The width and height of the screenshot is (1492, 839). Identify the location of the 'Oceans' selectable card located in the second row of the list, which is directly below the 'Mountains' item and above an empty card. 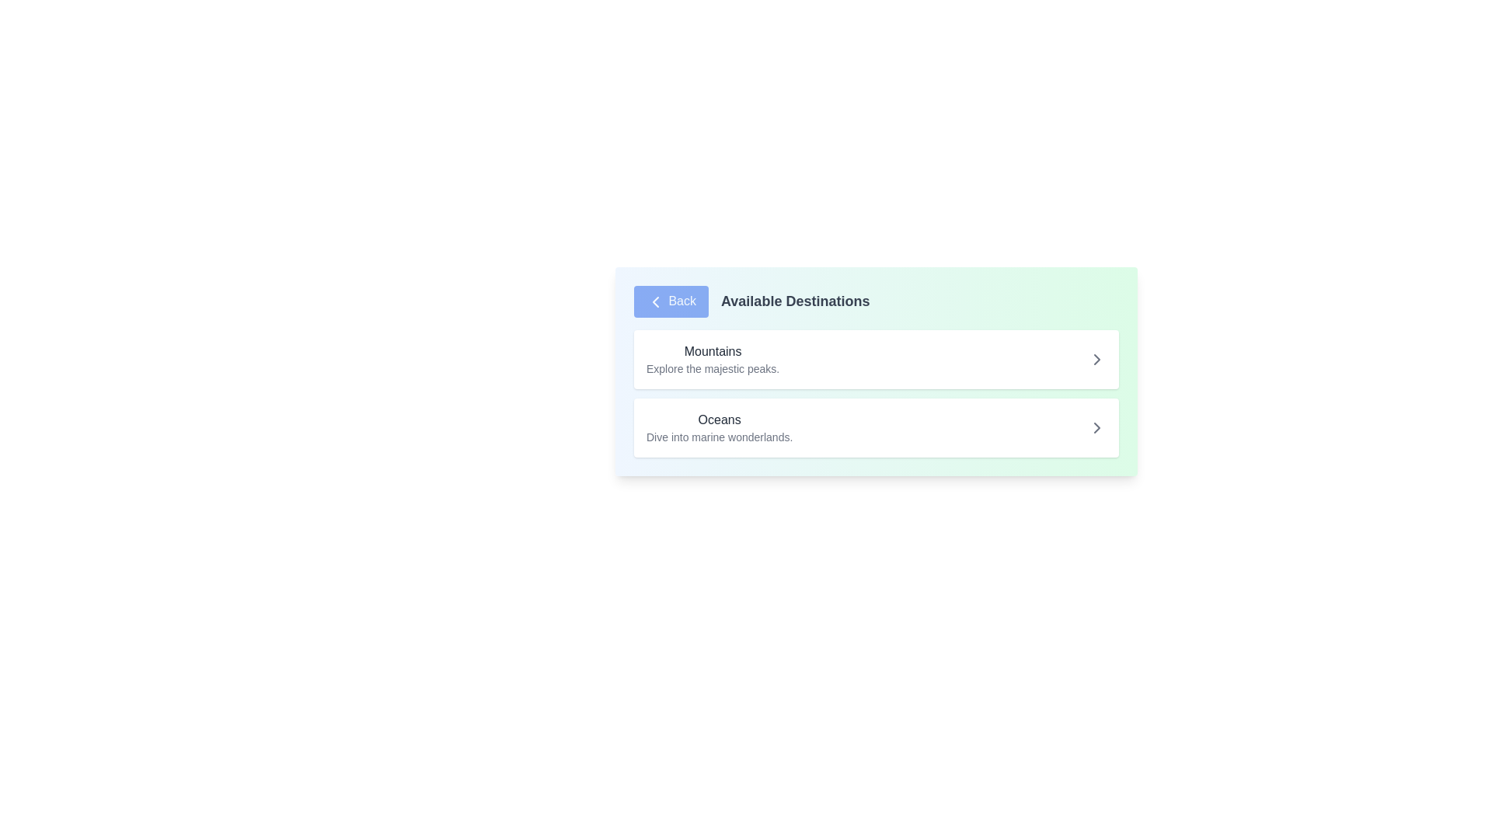
(719, 427).